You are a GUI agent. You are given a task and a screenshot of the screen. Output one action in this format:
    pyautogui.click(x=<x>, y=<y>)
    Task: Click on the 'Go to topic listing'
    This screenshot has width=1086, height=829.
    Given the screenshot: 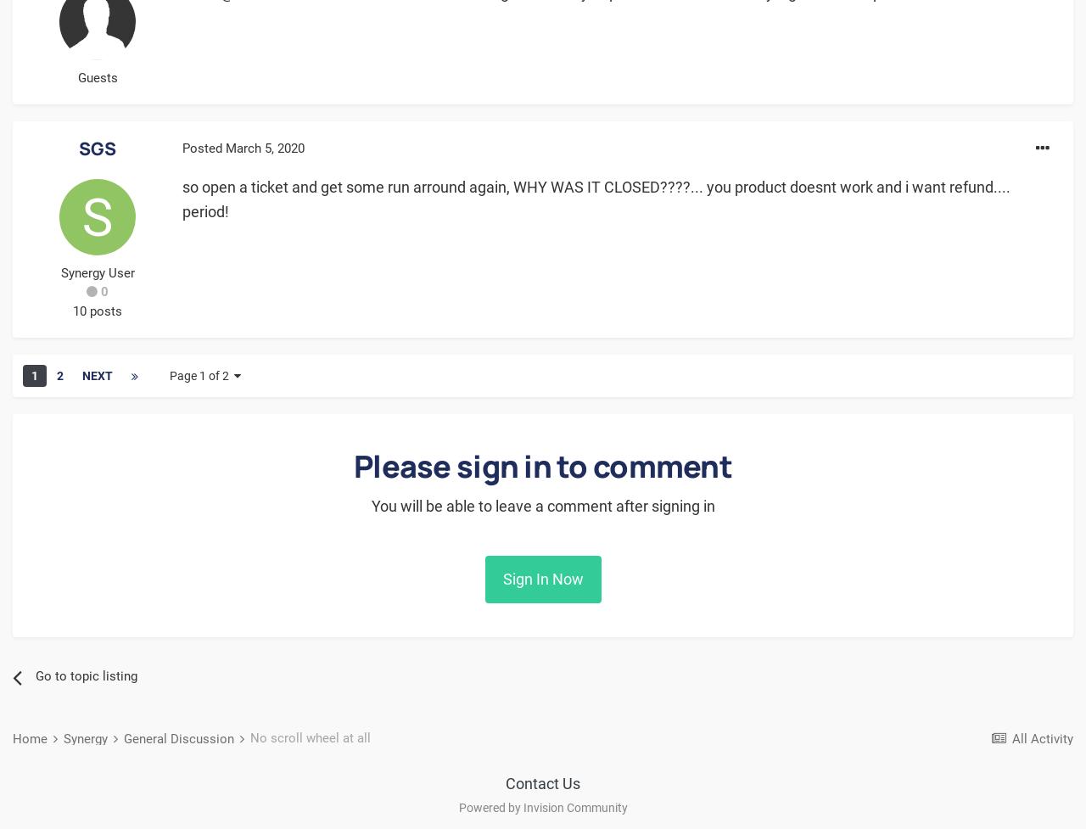 What is the action you would take?
    pyautogui.click(x=86, y=676)
    